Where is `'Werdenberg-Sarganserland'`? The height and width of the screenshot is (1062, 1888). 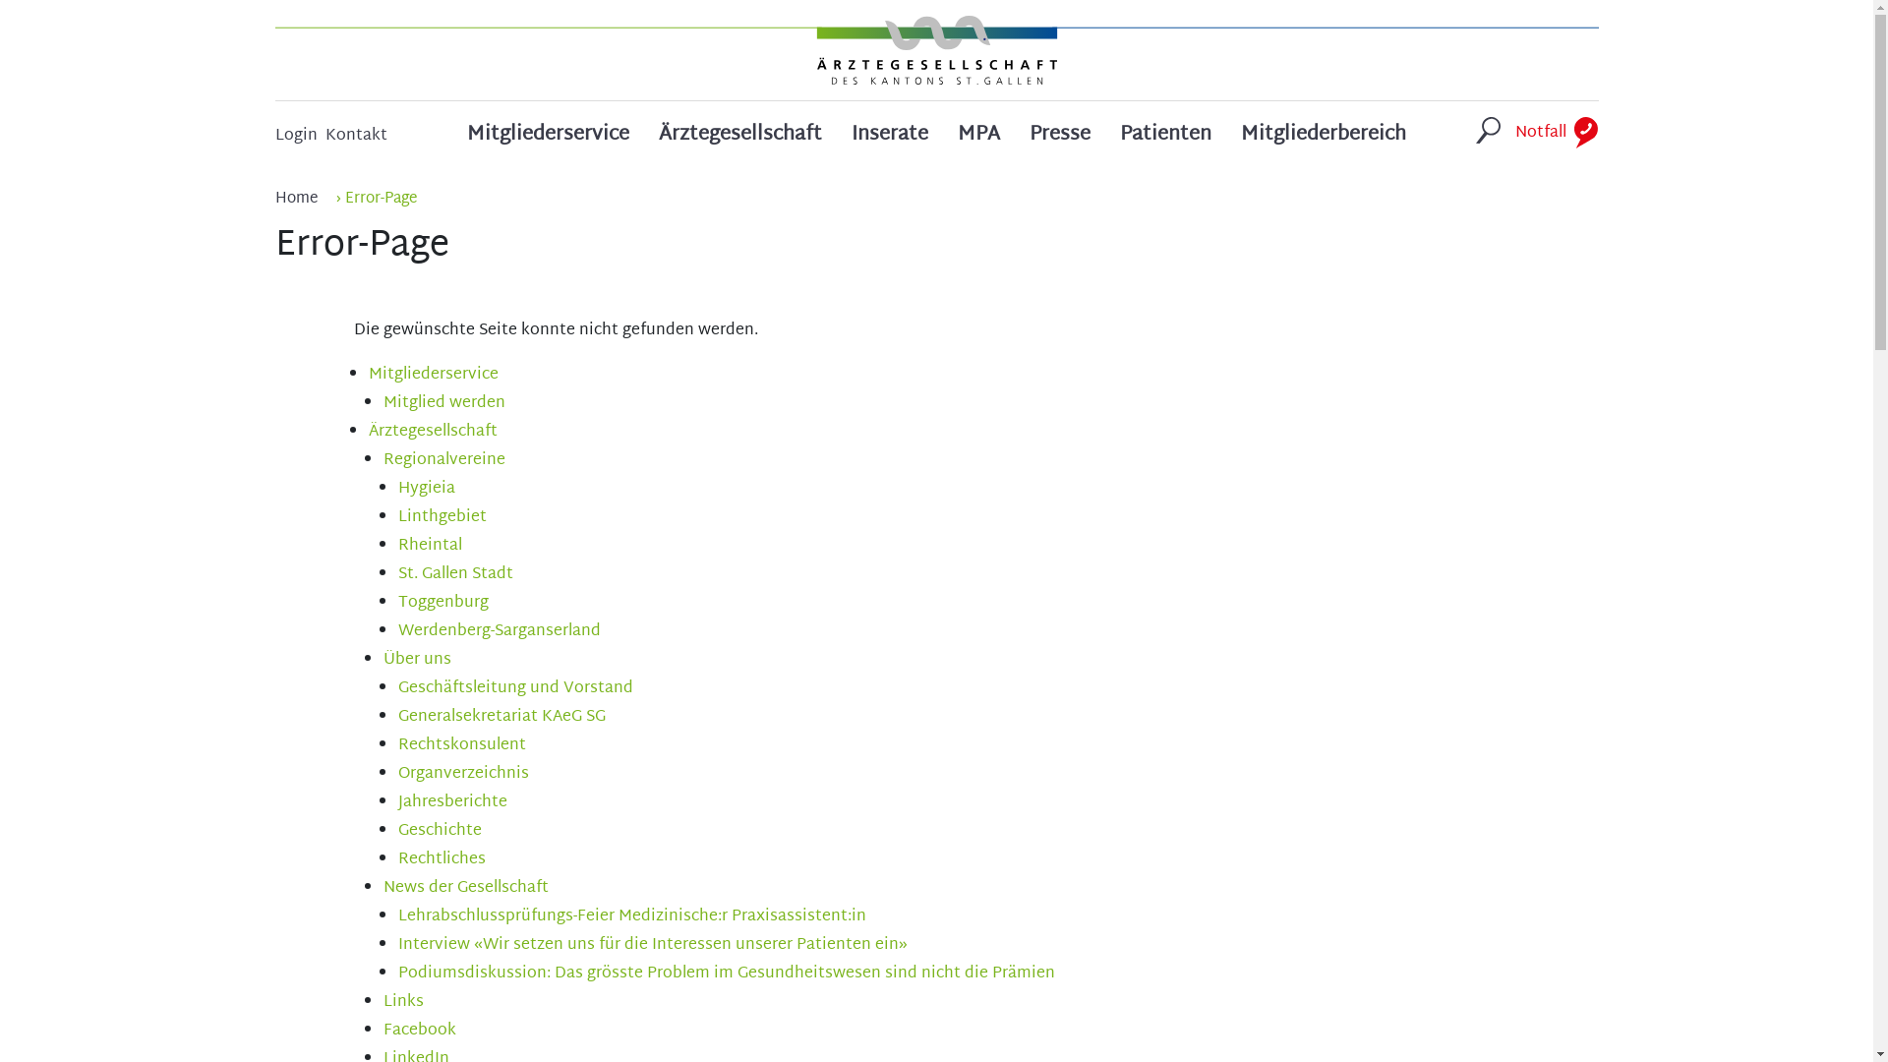
'Werdenberg-Sarganserland' is located at coordinates (499, 631).